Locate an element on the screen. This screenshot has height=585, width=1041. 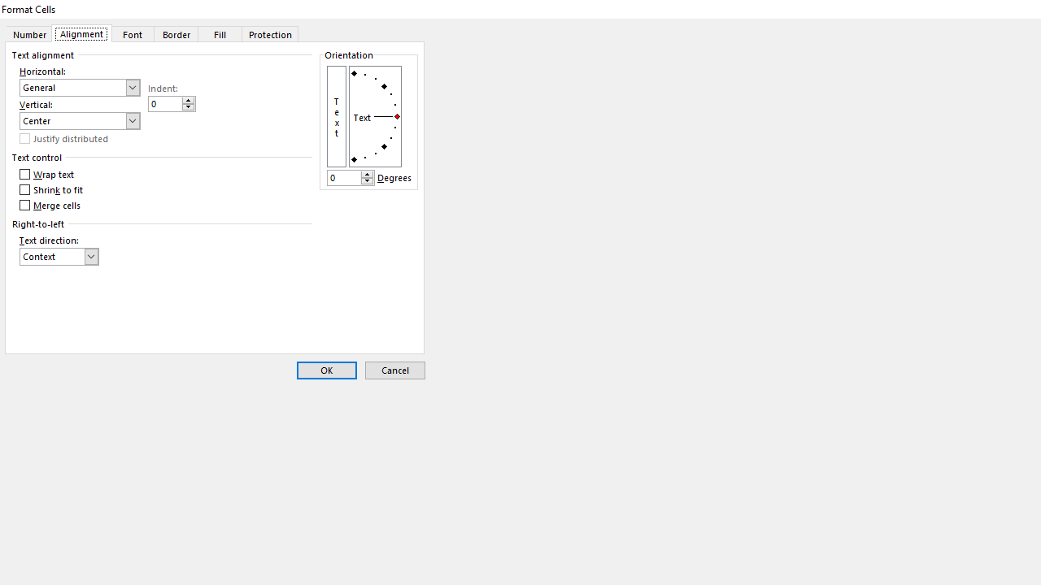
'Justify distributed' is located at coordinates (65, 138).